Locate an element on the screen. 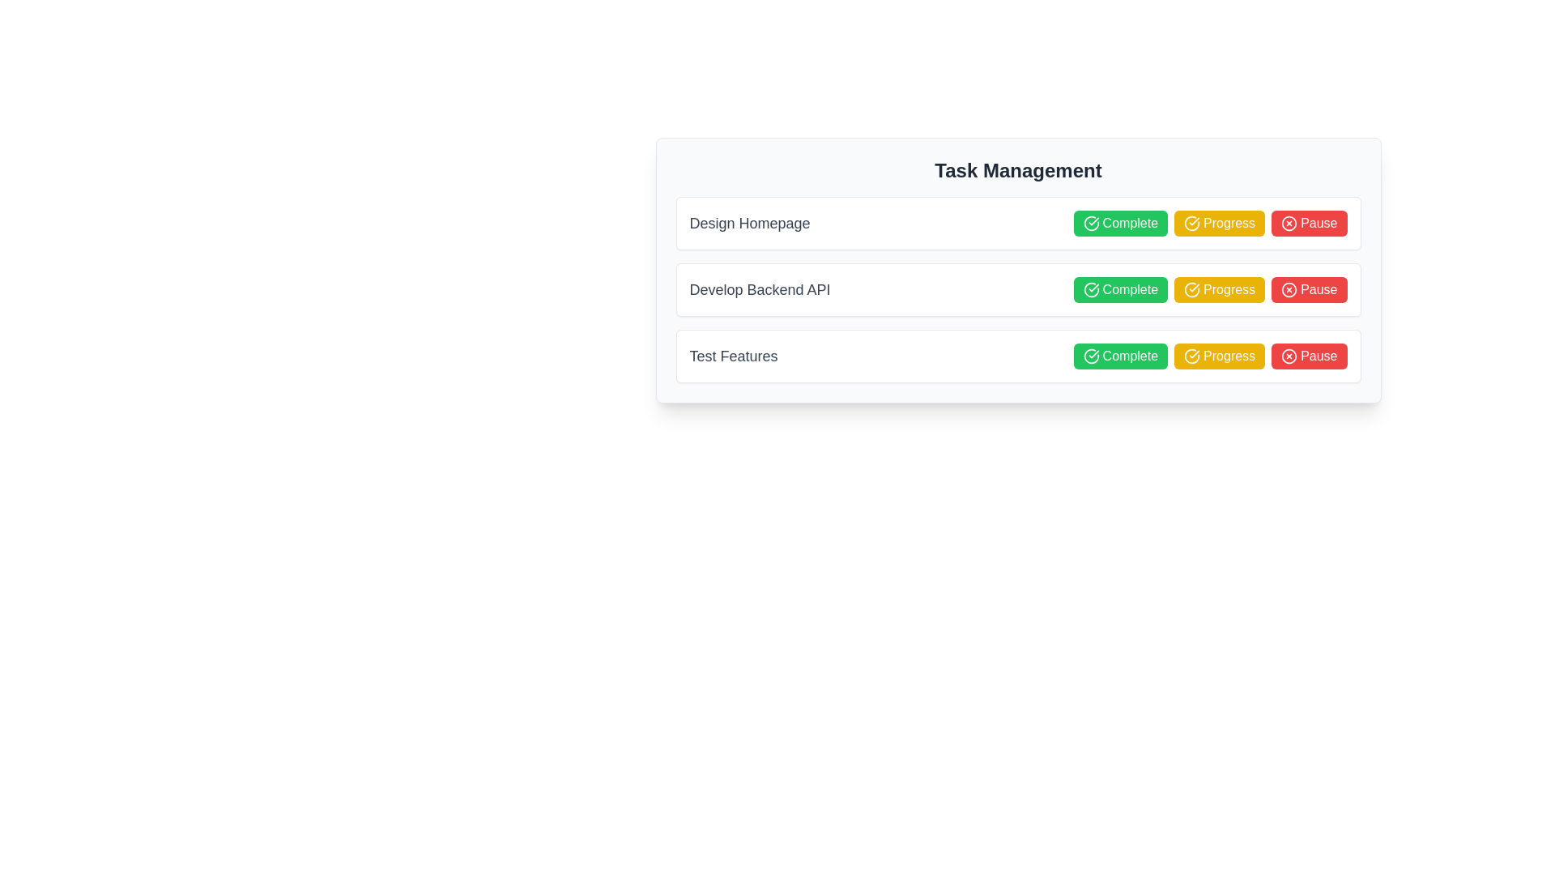 The height and width of the screenshot is (875, 1555). the yellow 'Progress' button with a checkmark icon, which is the second button in the 'Test Features' task control row is located at coordinates (1209, 355).